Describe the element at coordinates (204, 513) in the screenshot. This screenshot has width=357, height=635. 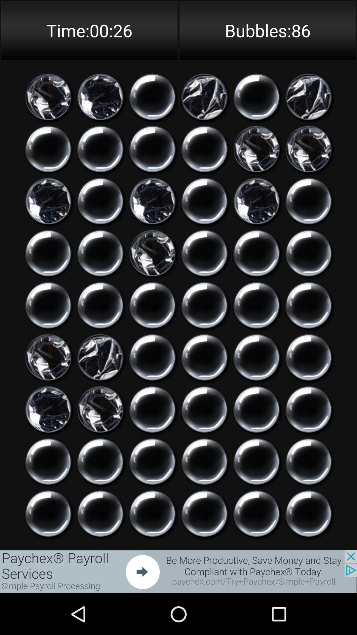
I see `pop bubble` at that location.